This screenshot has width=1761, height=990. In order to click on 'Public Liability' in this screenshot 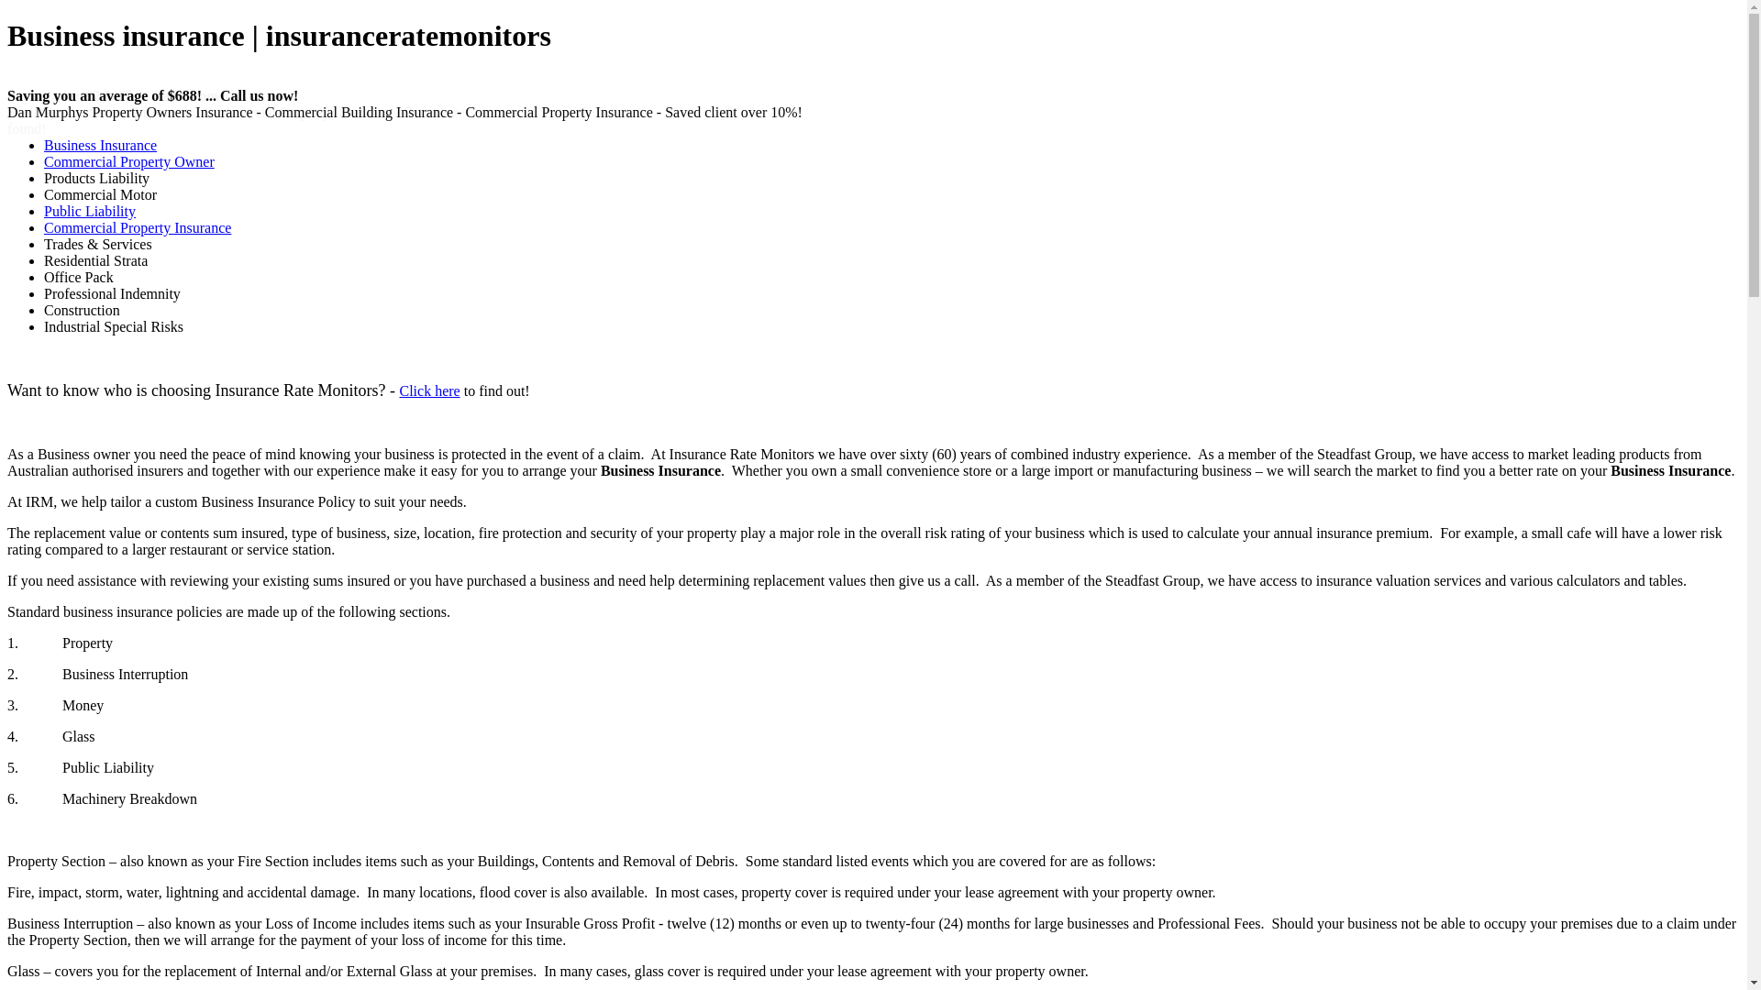, I will do `click(44, 210)`.